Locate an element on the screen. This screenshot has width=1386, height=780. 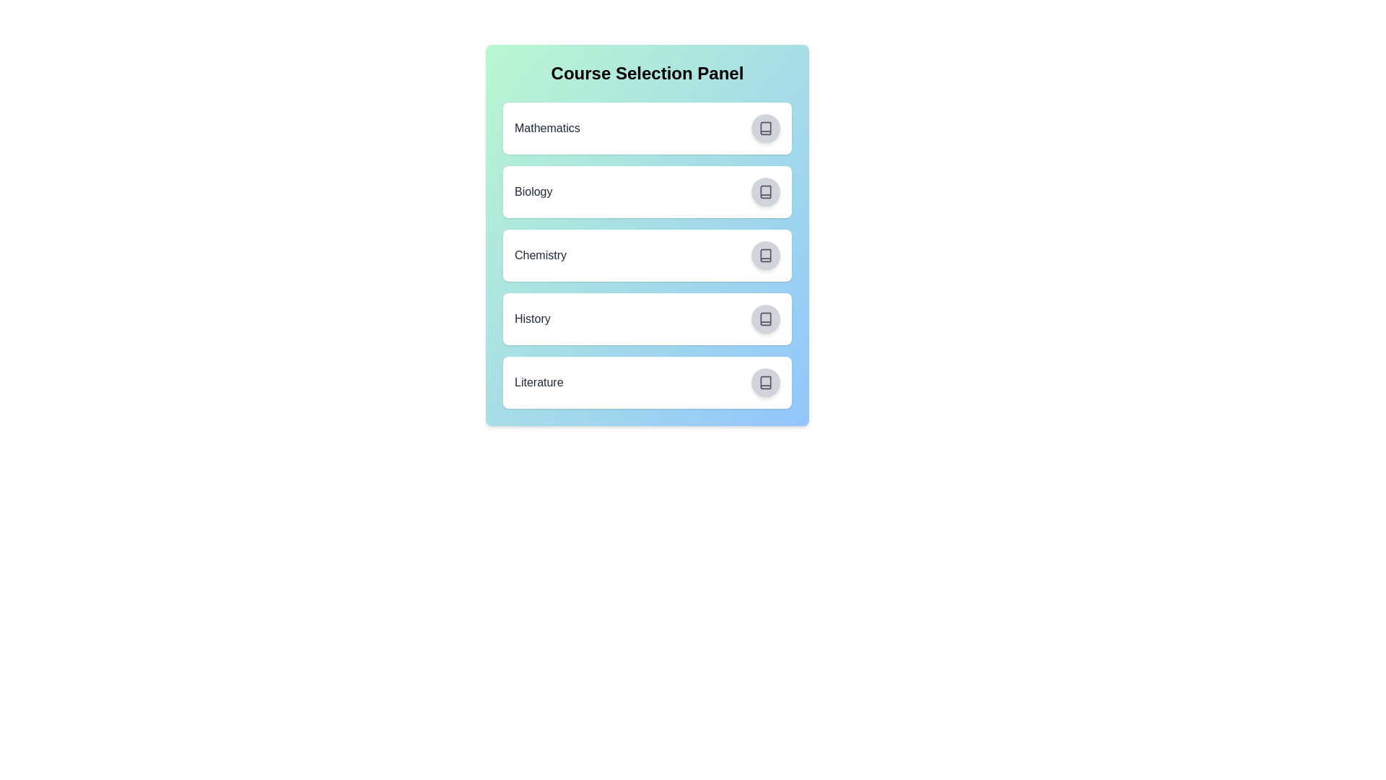
the button corresponding to Biology is located at coordinates (764, 191).